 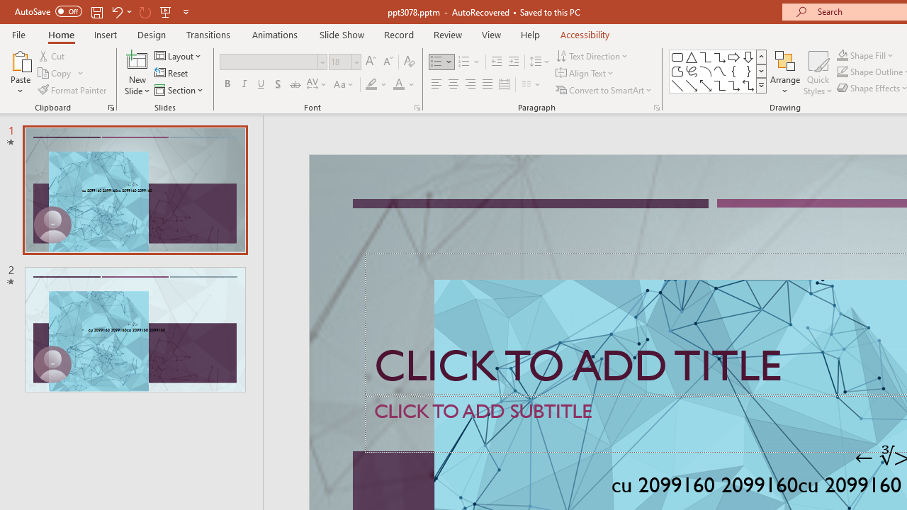 What do you see at coordinates (496, 61) in the screenshot?
I see `'Decrease Indent'` at bounding box center [496, 61].